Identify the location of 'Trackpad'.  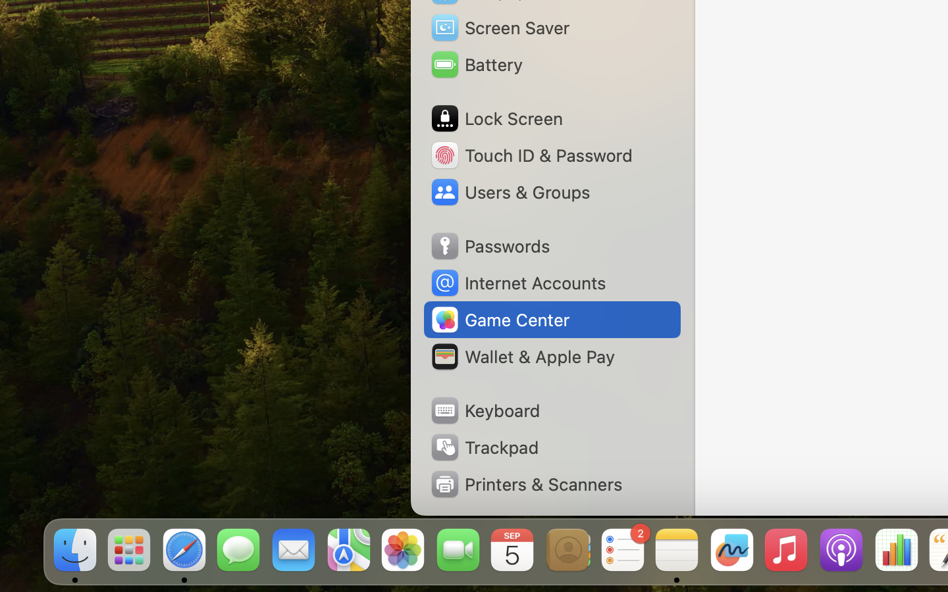
(483, 447).